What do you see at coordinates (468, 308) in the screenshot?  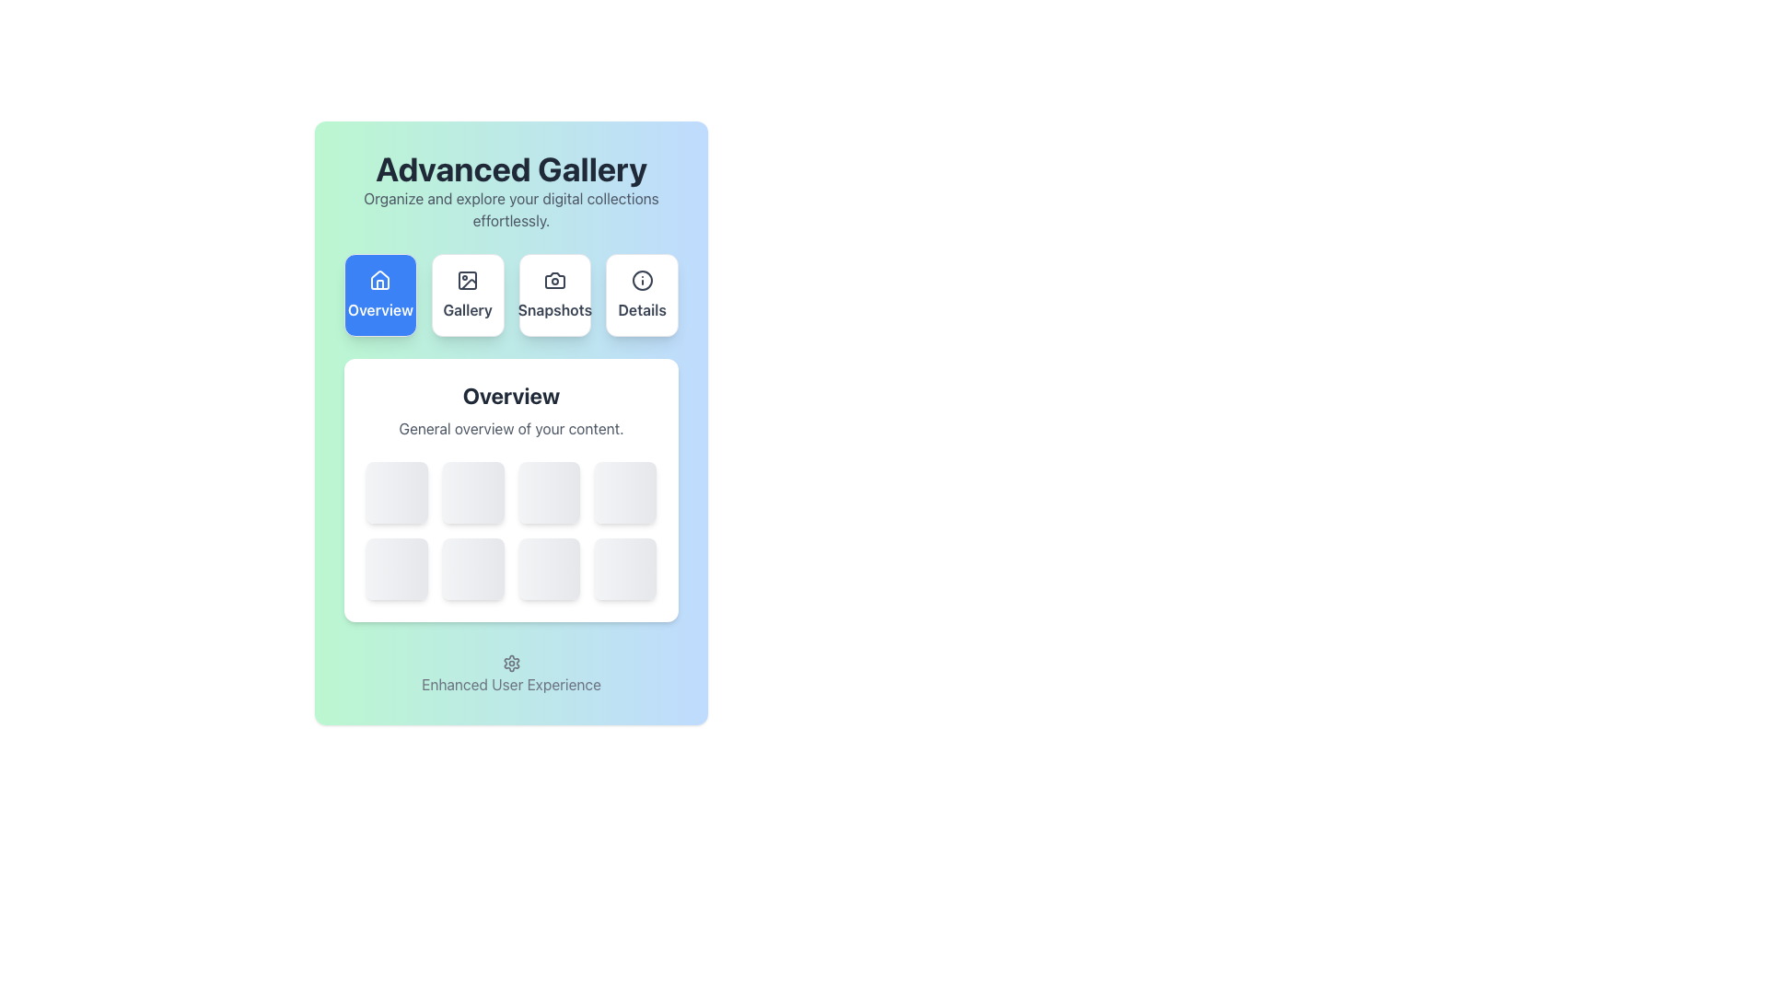 I see `the 'Gallery' static text label located at the bottom center of the rounded rectangular button with a white background and shadow effect` at bounding box center [468, 308].